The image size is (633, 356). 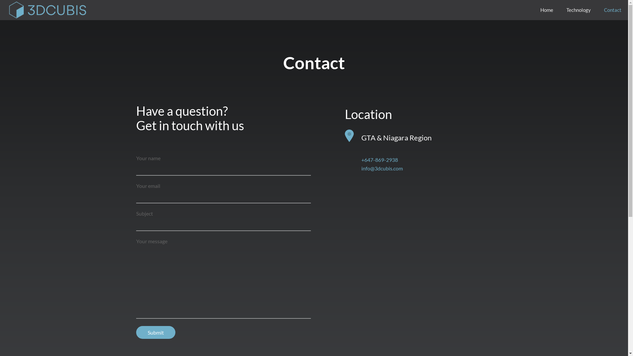 What do you see at coordinates (155, 332) in the screenshot?
I see `'Submit'` at bounding box center [155, 332].